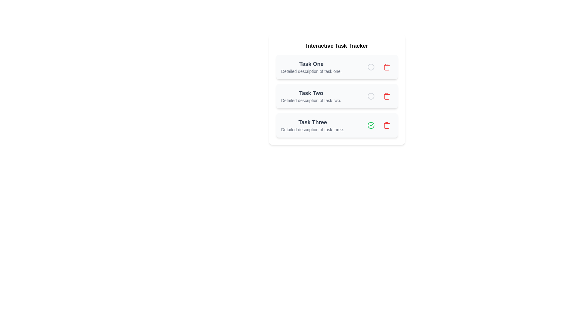  I want to click on the delete button for task Task Two, so click(386, 96).